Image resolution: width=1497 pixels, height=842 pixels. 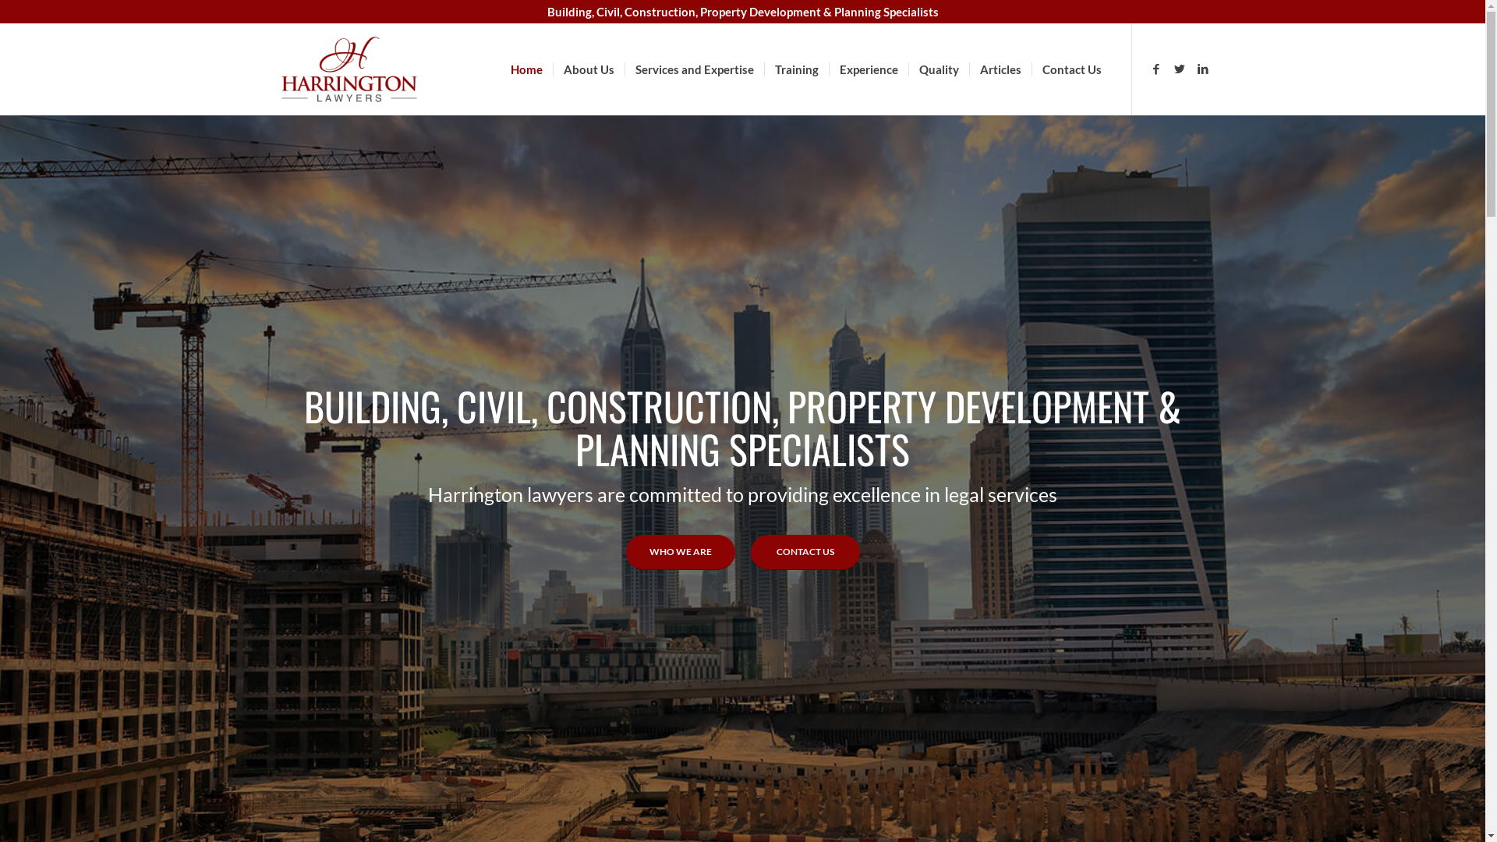 I want to click on 'Services and Expertise', so click(x=692, y=68).